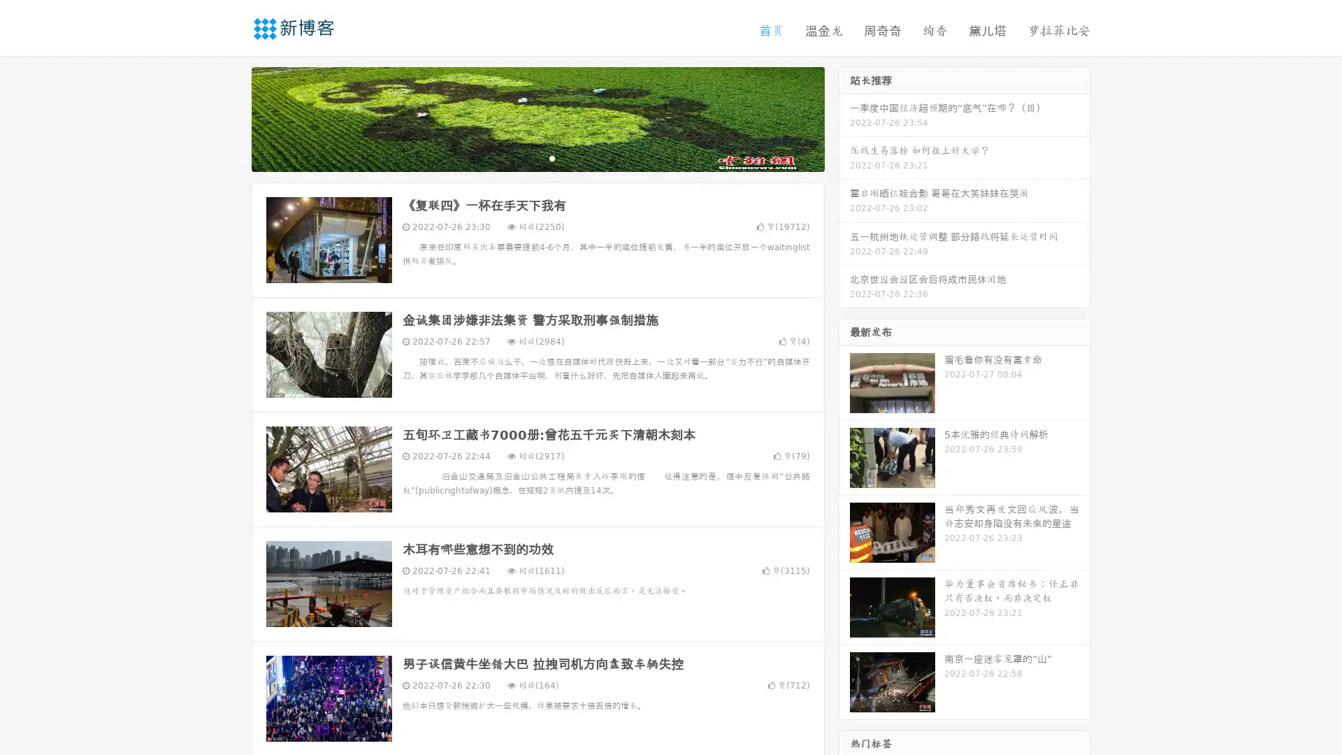 The width and height of the screenshot is (1342, 755). I want to click on Previous slide, so click(231, 117).